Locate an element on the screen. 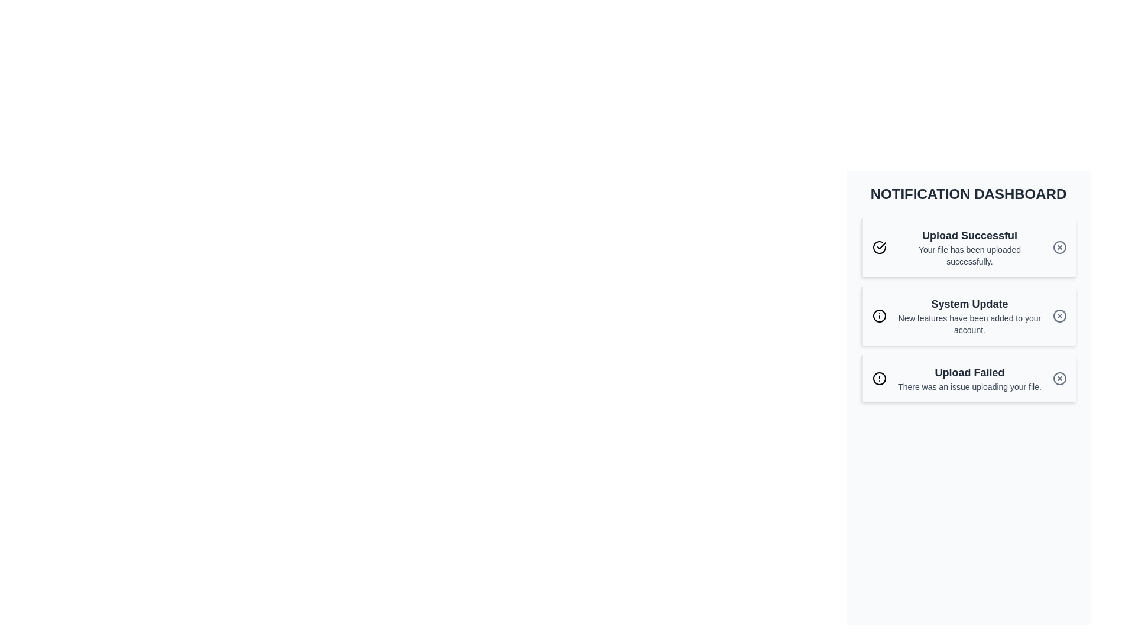 This screenshot has width=1135, height=638. notification text of the 'Upload Successful' notification, which is the first notification in the notification list under the header 'NOTIFICATION DASHBOARD' is located at coordinates (969, 247).